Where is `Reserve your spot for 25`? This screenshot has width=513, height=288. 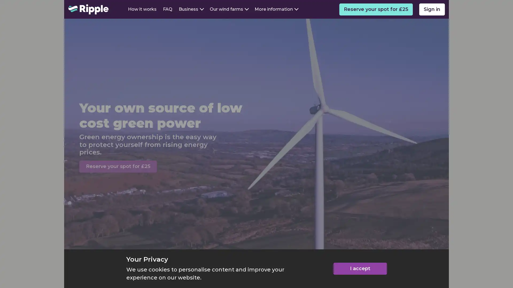 Reserve your spot for 25 is located at coordinates (376, 9).